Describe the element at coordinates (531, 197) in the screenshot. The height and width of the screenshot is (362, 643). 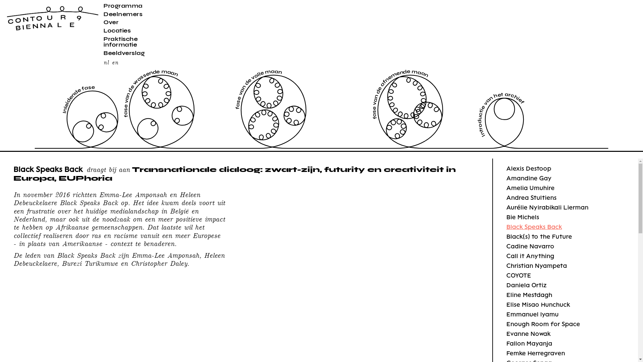
I see `'Andrea Stultiens'` at that location.